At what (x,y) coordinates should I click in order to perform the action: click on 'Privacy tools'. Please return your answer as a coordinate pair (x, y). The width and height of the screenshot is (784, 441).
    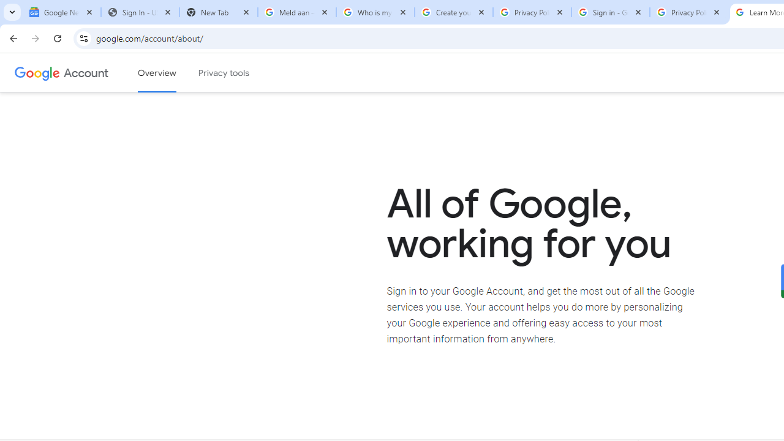
    Looking at the image, I should click on (224, 73).